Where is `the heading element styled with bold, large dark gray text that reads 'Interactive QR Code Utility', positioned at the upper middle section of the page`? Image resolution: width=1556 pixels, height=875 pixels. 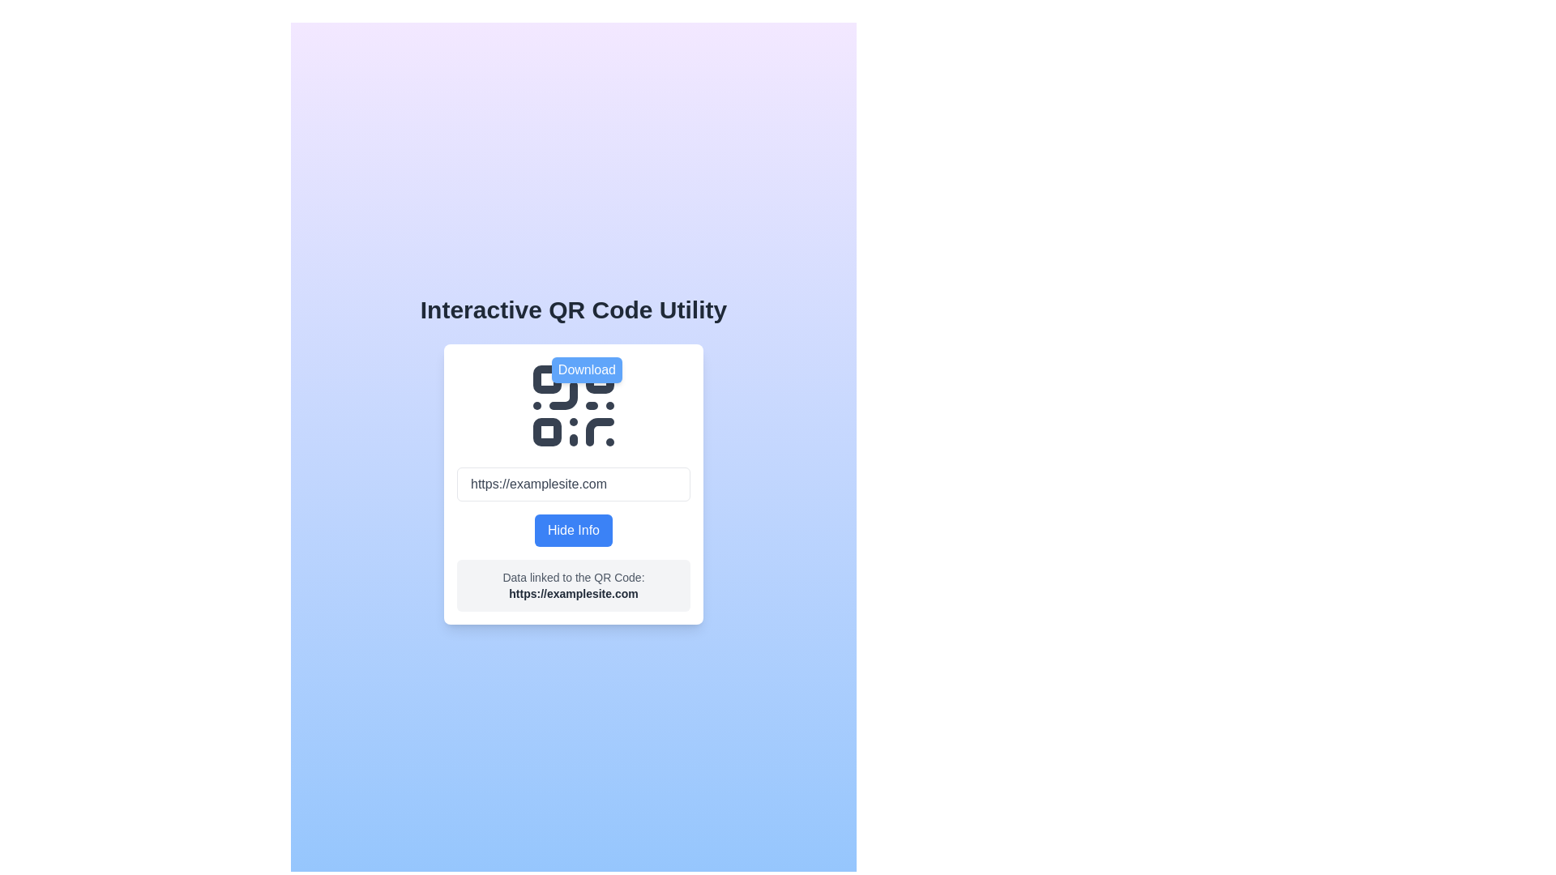 the heading element styled with bold, large dark gray text that reads 'Interactive QR Code Utility', positioned at the upper middle section of the page is located at coordinates (573, 309).